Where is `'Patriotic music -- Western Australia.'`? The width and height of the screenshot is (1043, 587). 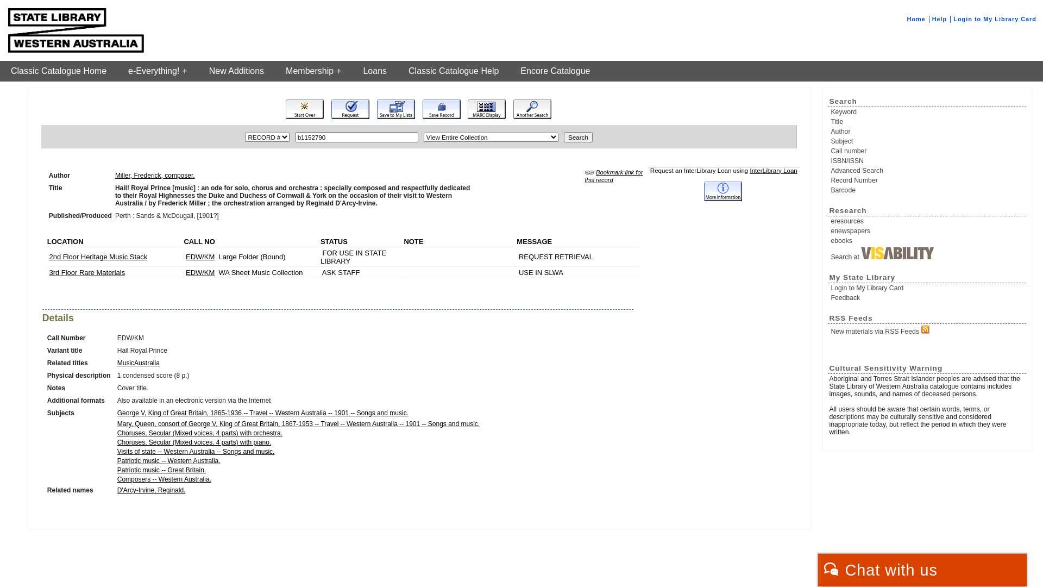
'Patriotic music -- Western Australia.' is located at coordinates (168, 461).